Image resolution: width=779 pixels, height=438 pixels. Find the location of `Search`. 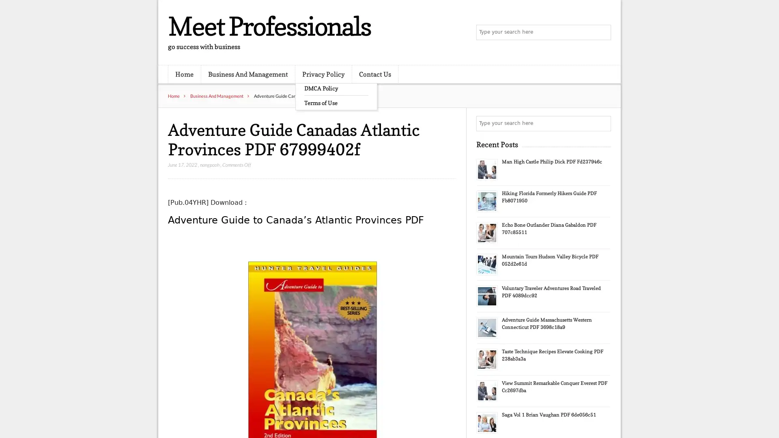

Search is located at coordinates (603, 123).